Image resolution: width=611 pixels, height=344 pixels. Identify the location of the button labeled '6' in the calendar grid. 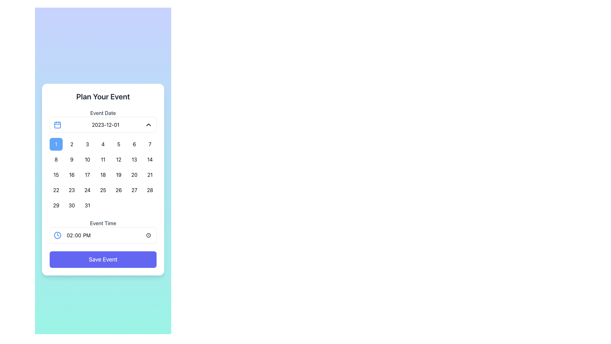
(134, 144).